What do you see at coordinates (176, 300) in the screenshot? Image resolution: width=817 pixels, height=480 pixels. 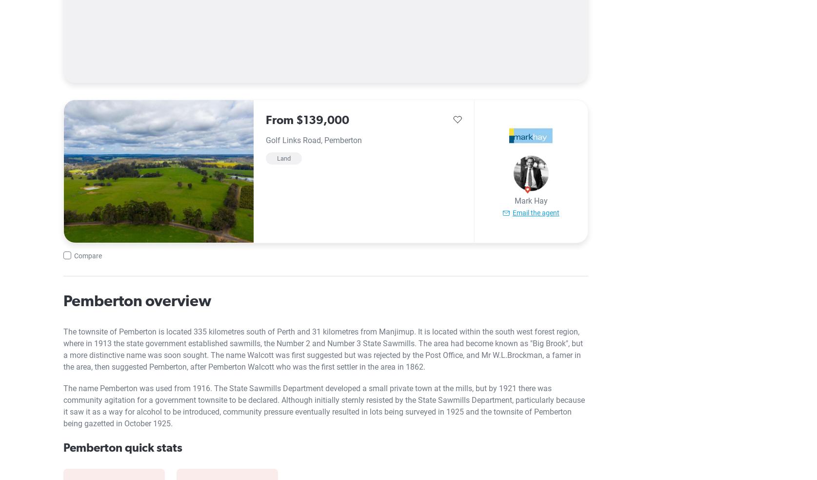 I see `'overview'` at bounding box center [176, 300].